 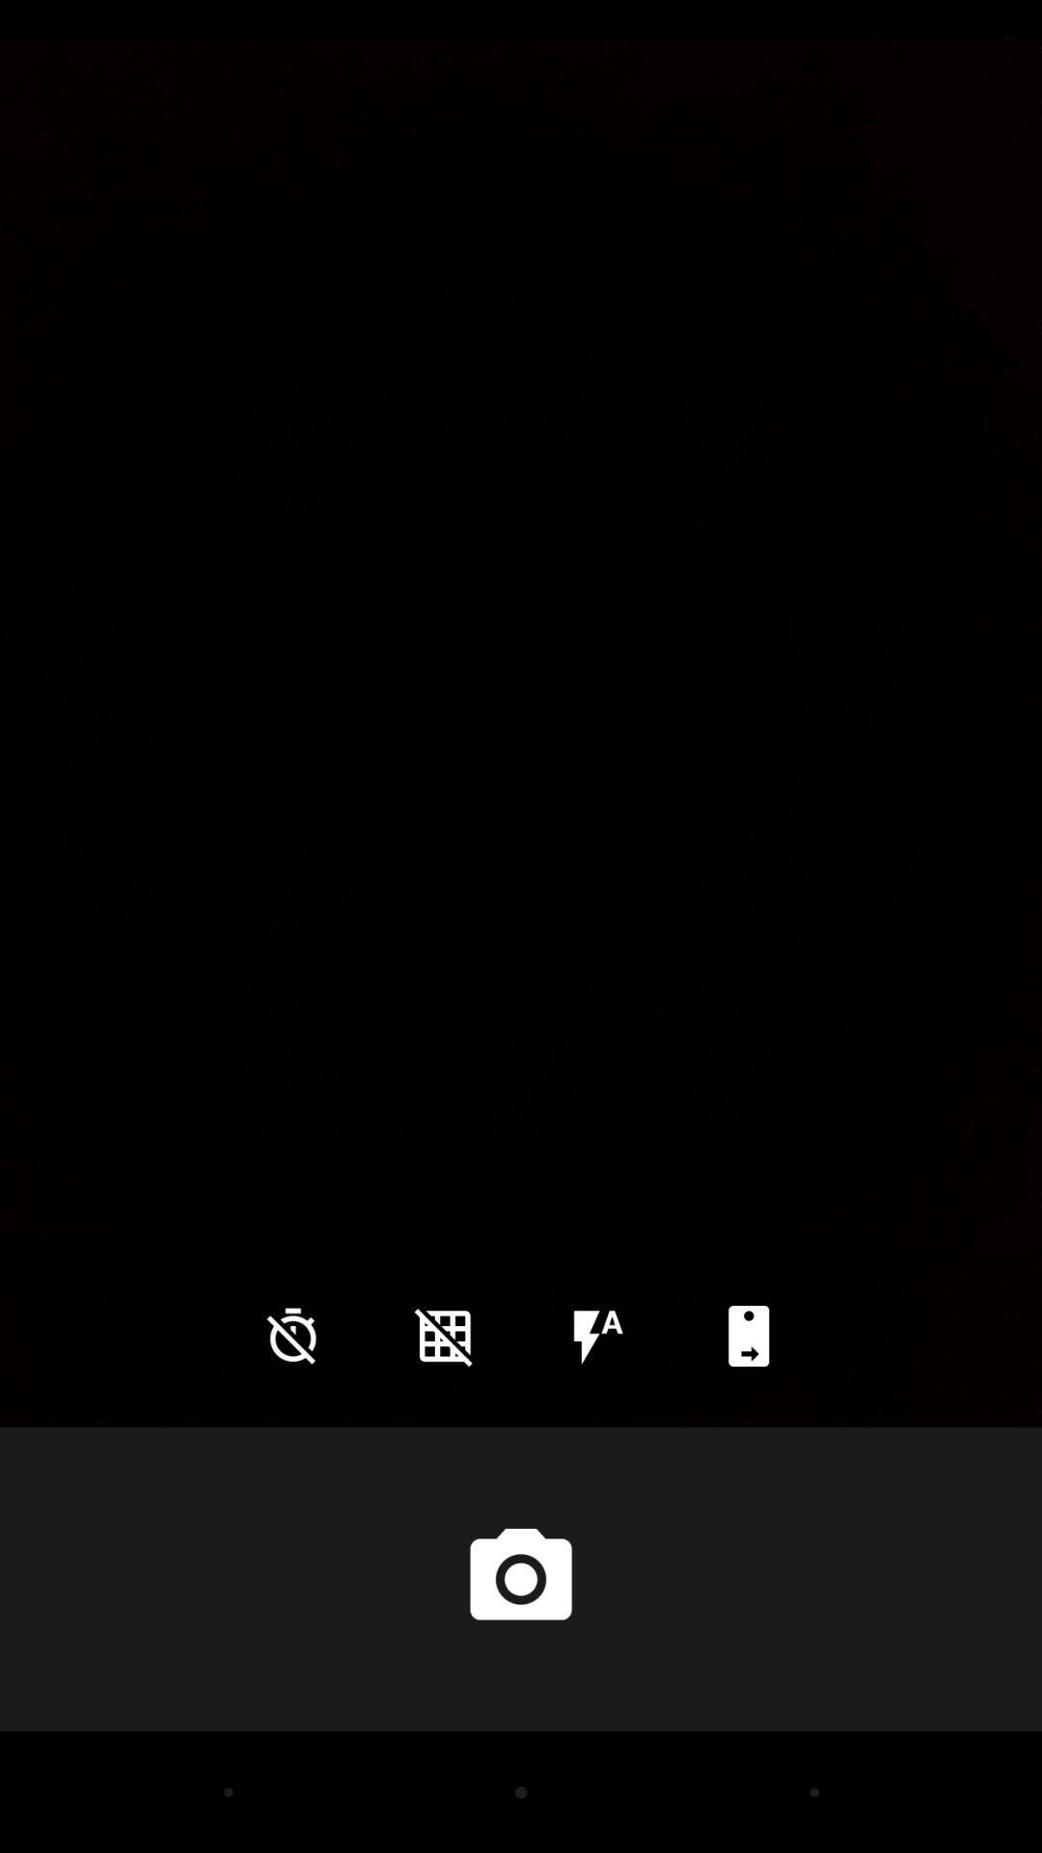 I want to click on the time icon, so click(x=292, y=1335).